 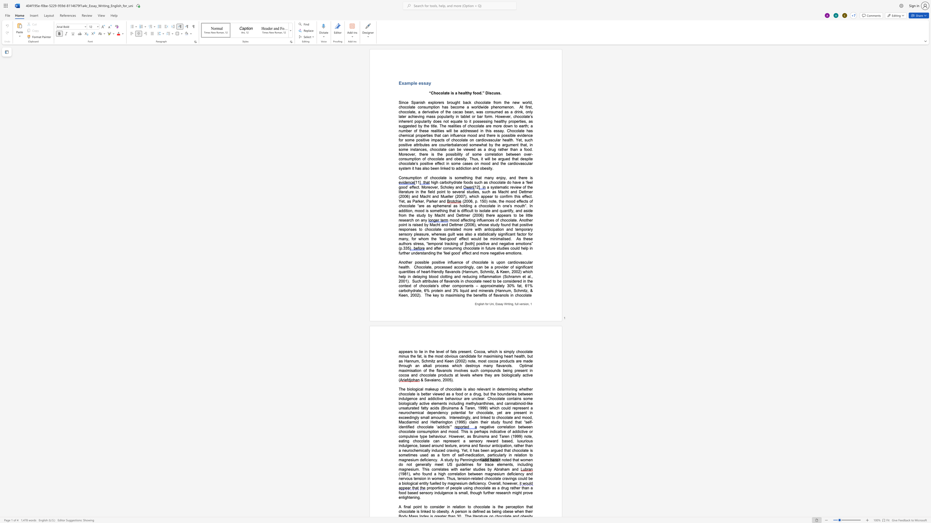 What do you see at coordinates (494, 102) in the screenshot?
I see `the space between the continuous character "f" and "r" in the text` at bounding box center [494, 102].